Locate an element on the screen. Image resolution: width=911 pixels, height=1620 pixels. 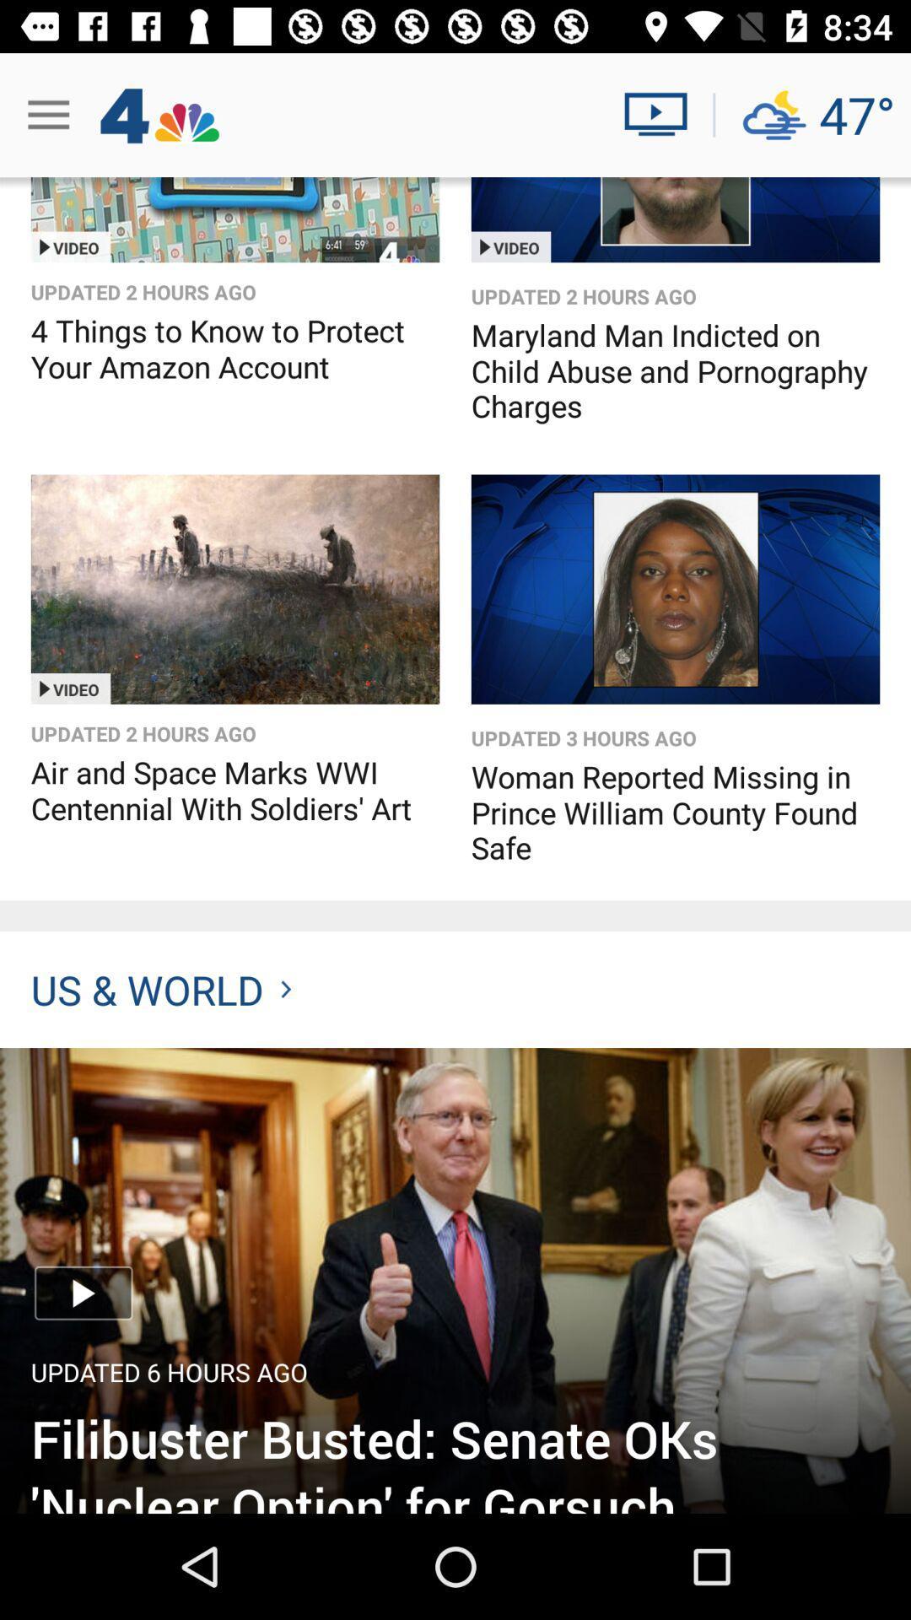
video is located at coordinates (661, 114).